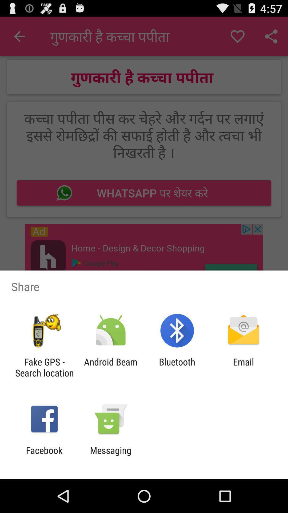 This screenshot has height=513, width=288. Describe the element at coordinates (110, 367) in the screenshot. I see `app to the right of fake gps search item` at that location.